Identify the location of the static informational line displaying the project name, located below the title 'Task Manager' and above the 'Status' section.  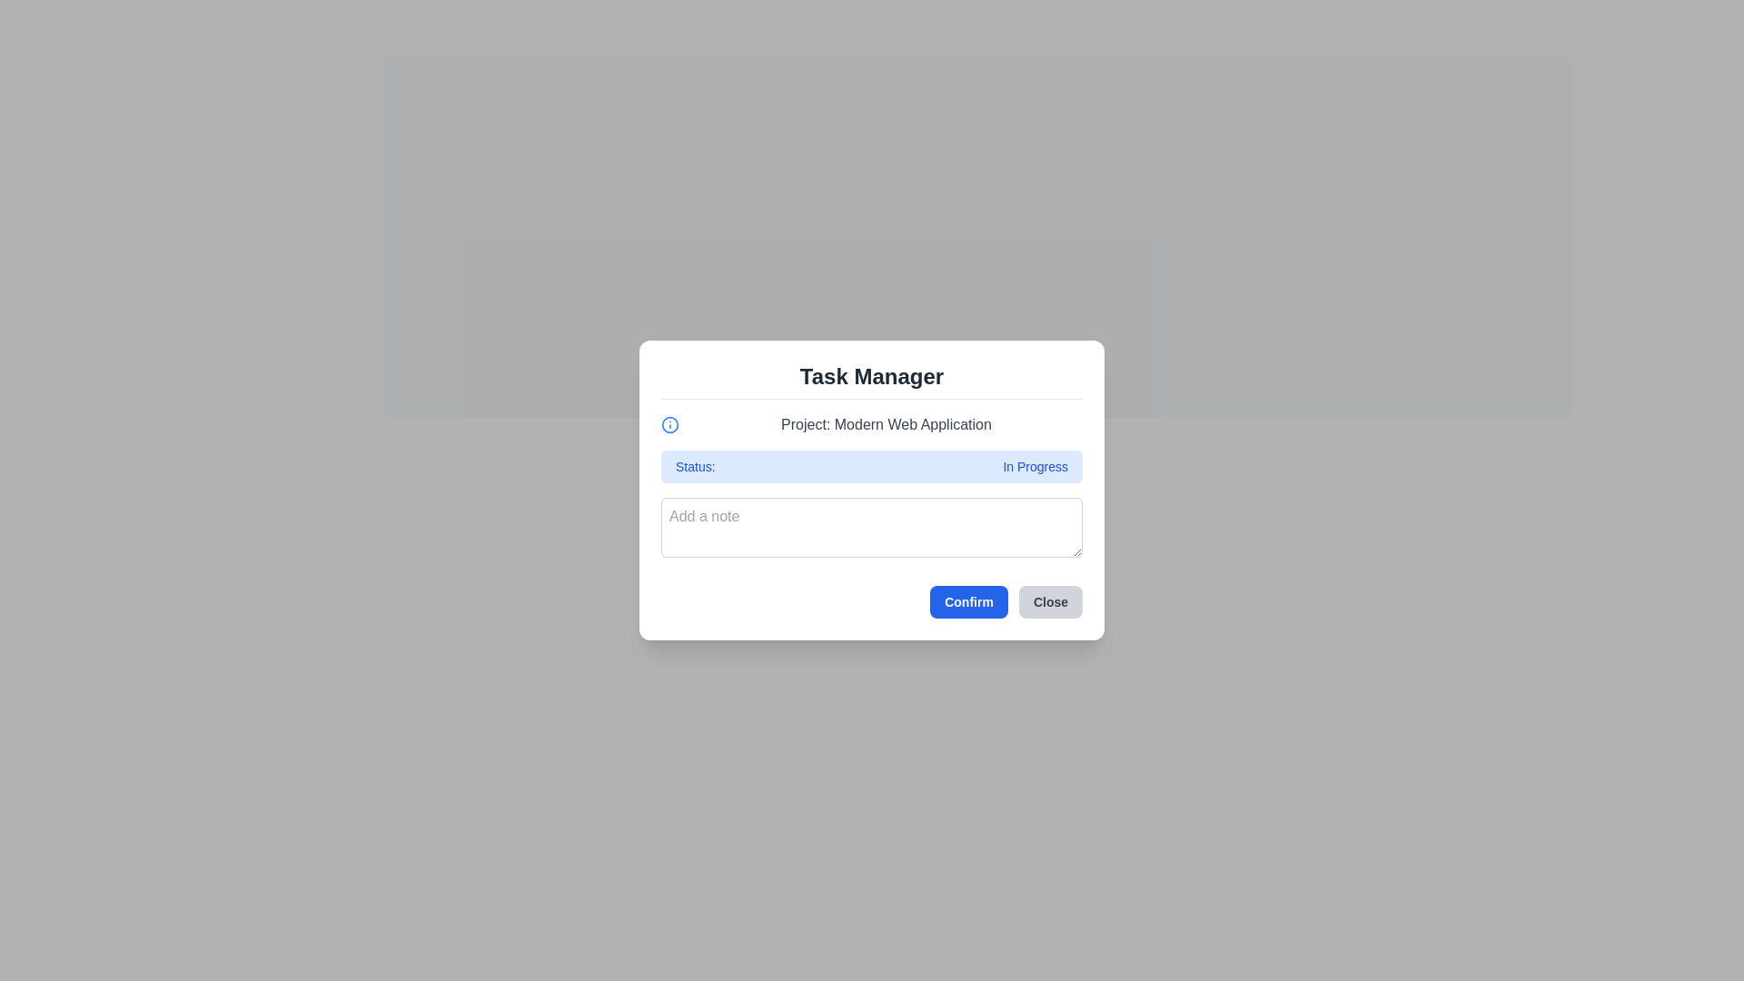
(872, 424).